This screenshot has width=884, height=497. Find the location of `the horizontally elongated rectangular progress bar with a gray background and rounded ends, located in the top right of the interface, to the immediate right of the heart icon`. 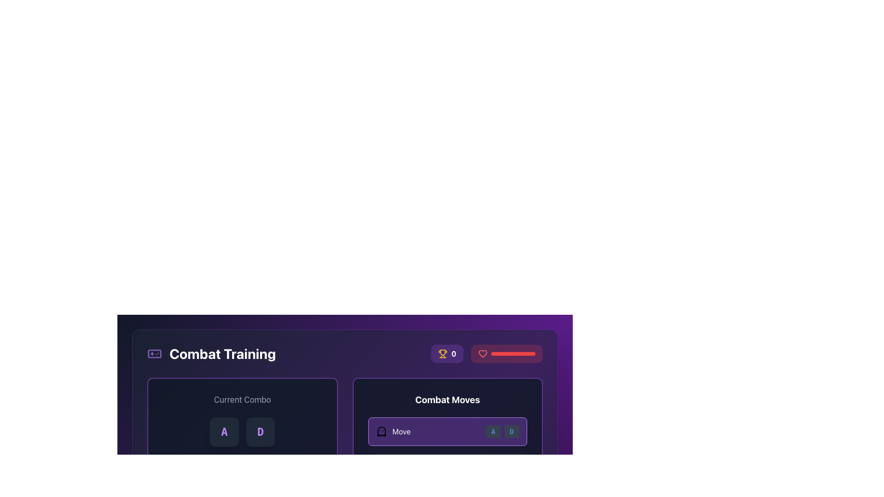

the horizontally elongated rectangular progress bar with a gray background and rounded ends, located in the top right of the interface, to the immediate right of the heart icon is located at coordinates (512, 353).